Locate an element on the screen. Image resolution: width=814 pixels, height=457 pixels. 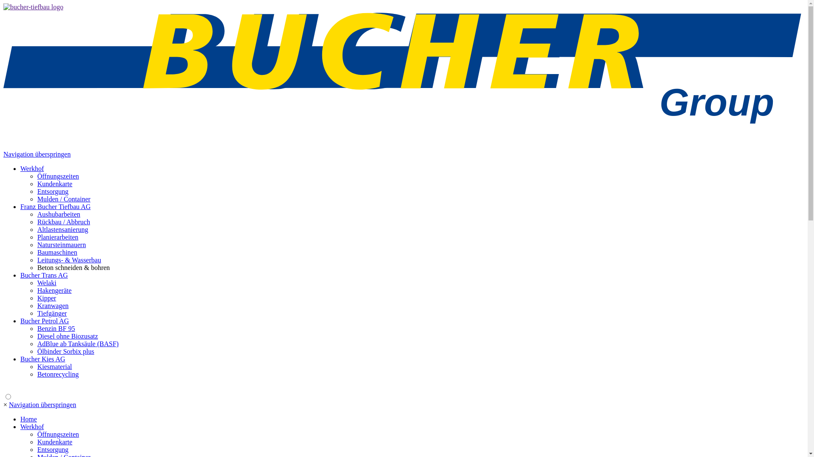
'Franz Bucher Tiefbau AG' is located at coordinates (55, 206).